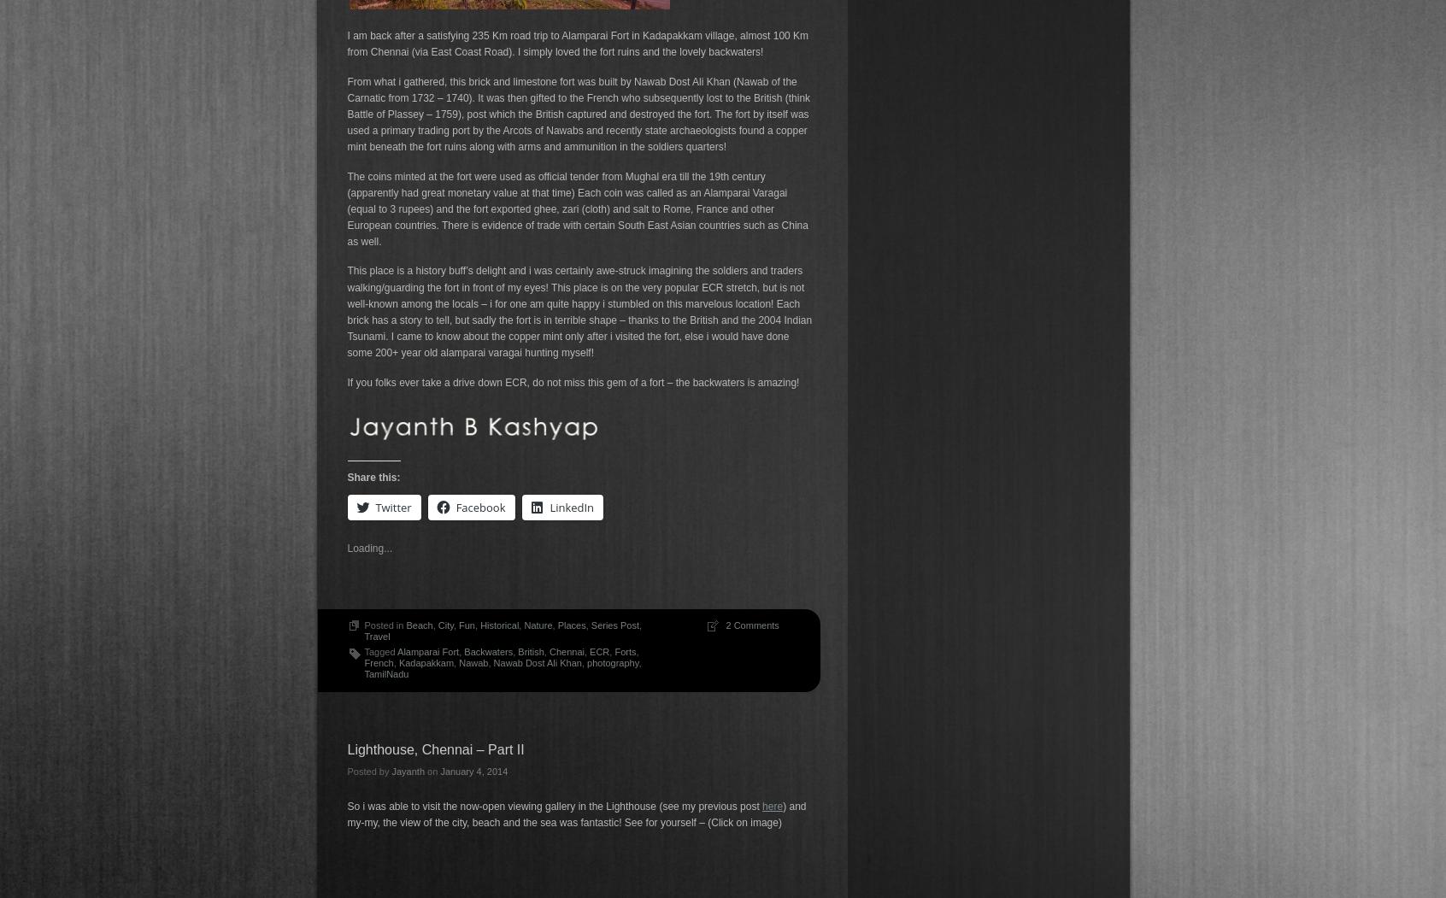  What do you see at coordinates (480, 506) in the screenshot?
I see `'Facebook'` at bounding box center [480, 506].